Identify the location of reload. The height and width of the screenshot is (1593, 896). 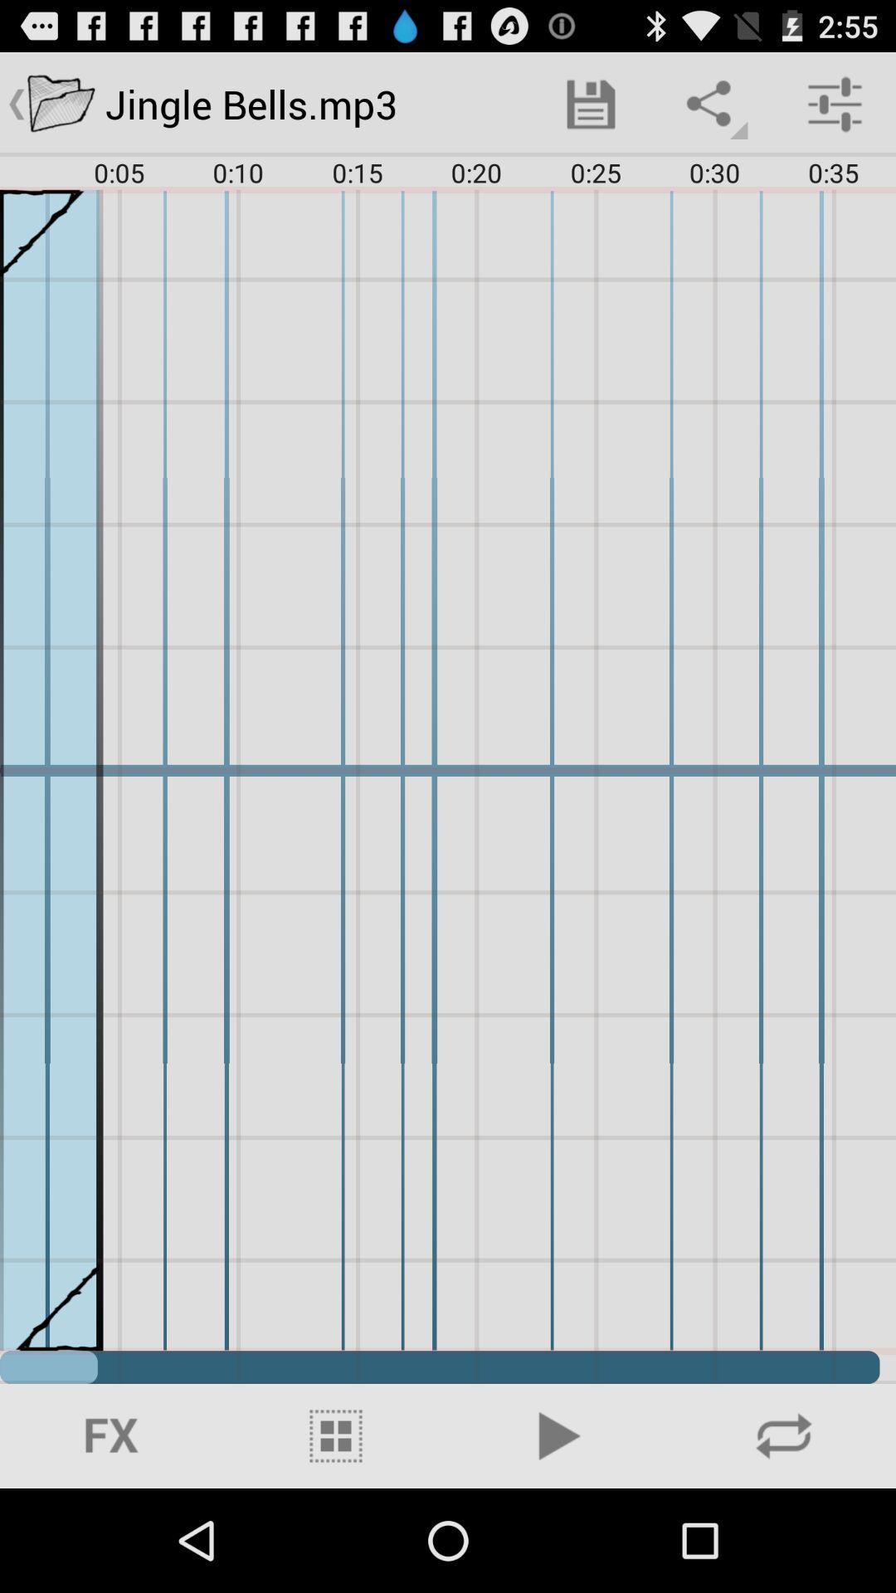
(784, 1435).